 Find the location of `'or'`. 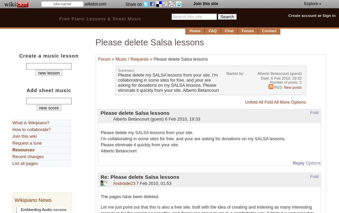

'or' is located at coordinates (319, 15).